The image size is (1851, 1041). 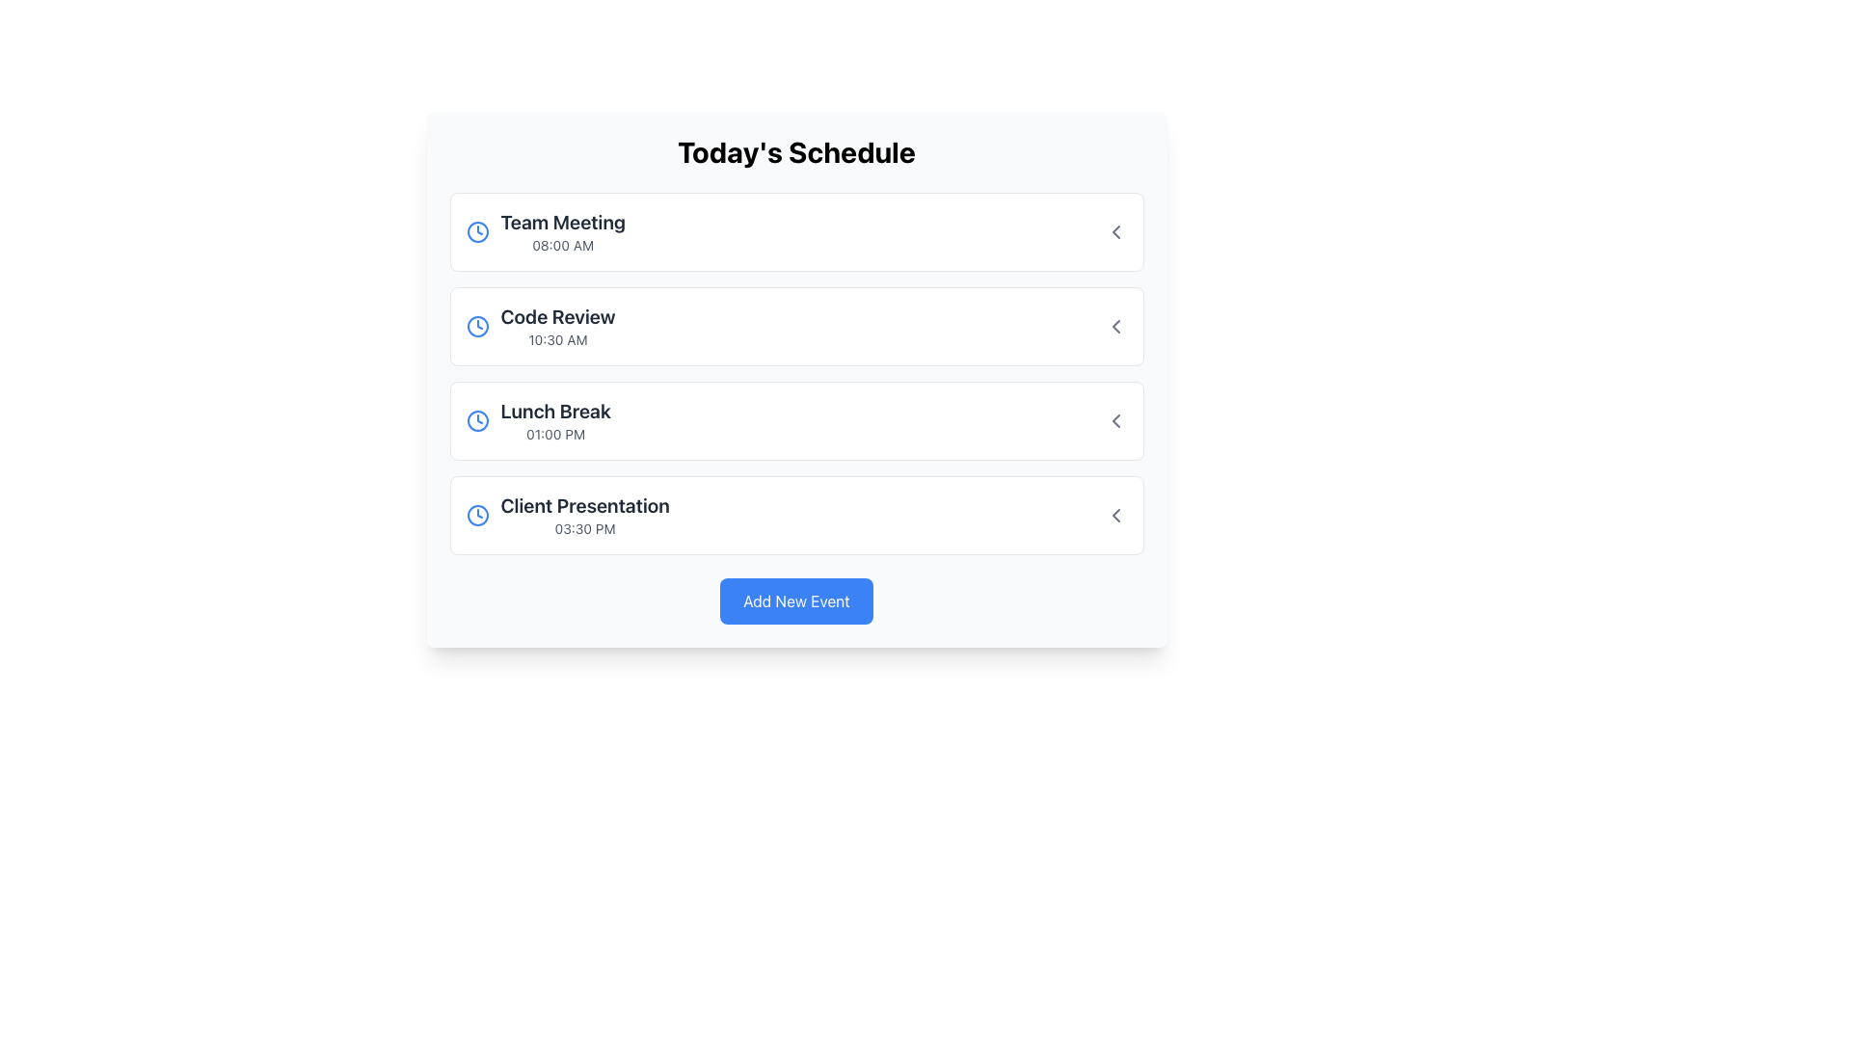 What do you see at coordinates (584, 528) in the screenshot?
I see `the static text displaying the time for the 'Client Presentation' event, which is centrally aligned in the fourth schedule item` at bounding box center [584, 528].